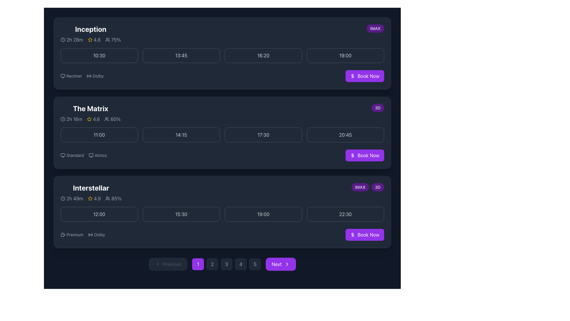  Describe the element at coordinates (98, 75) in the screenshot. I see `the text label indicating the availability of the Dolby audio feature for the 'Inception' movie, located in the secondary information section after the radio icon` at that location.